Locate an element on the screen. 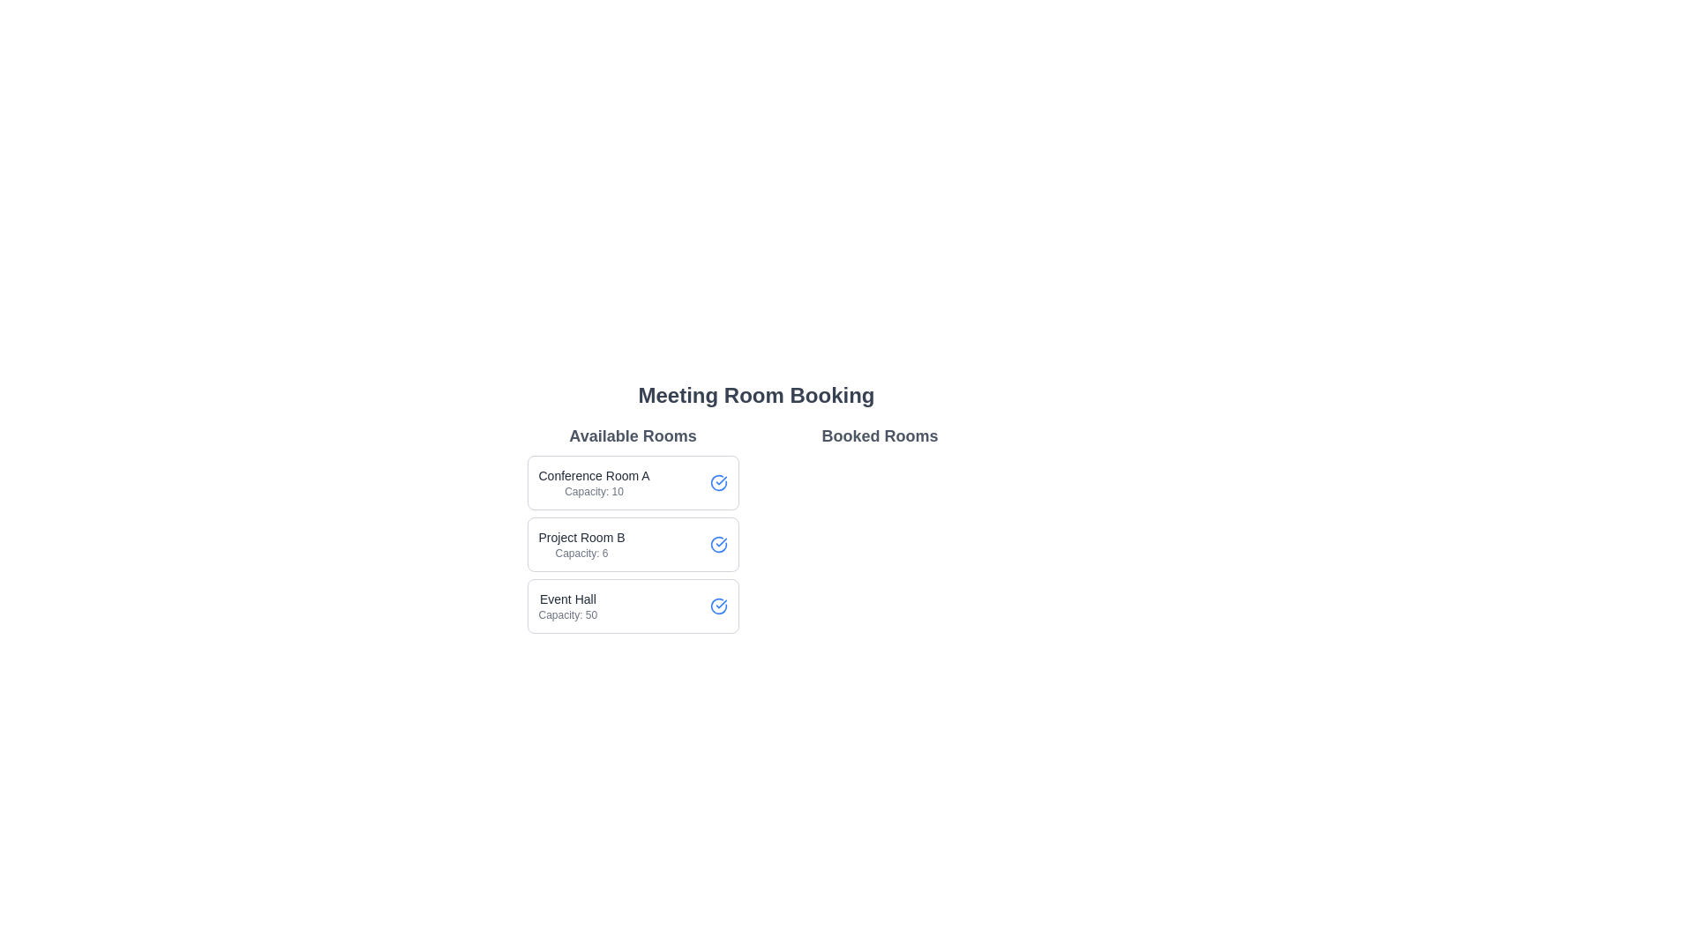 This screenshot has width=1694, height=952. the circular checkmark icon within the 'Event Hall' card under the 'Available Rooms' section, which indicates that this room is booked is located at coordinates (718, 605).